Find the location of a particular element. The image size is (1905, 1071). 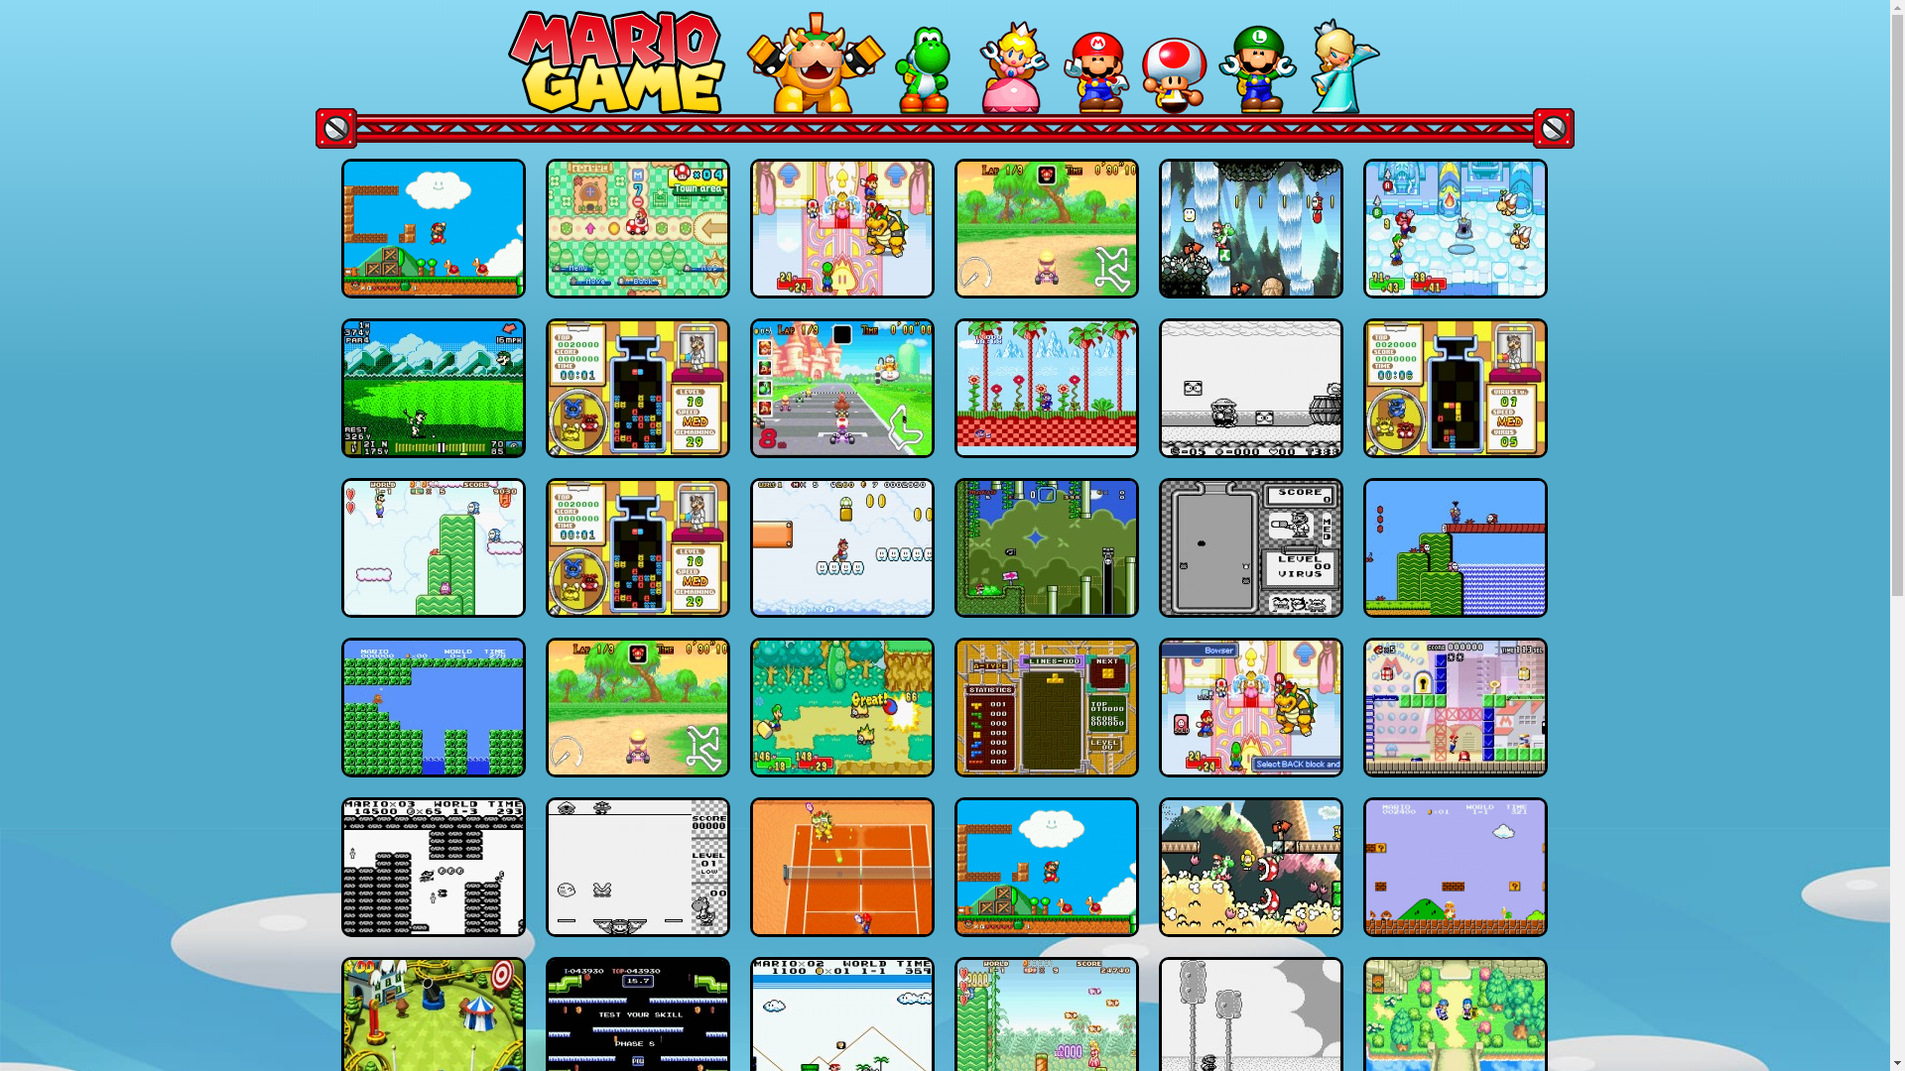

'Dr.Mario & Puzzle League' is located at coordinates (548, 545).